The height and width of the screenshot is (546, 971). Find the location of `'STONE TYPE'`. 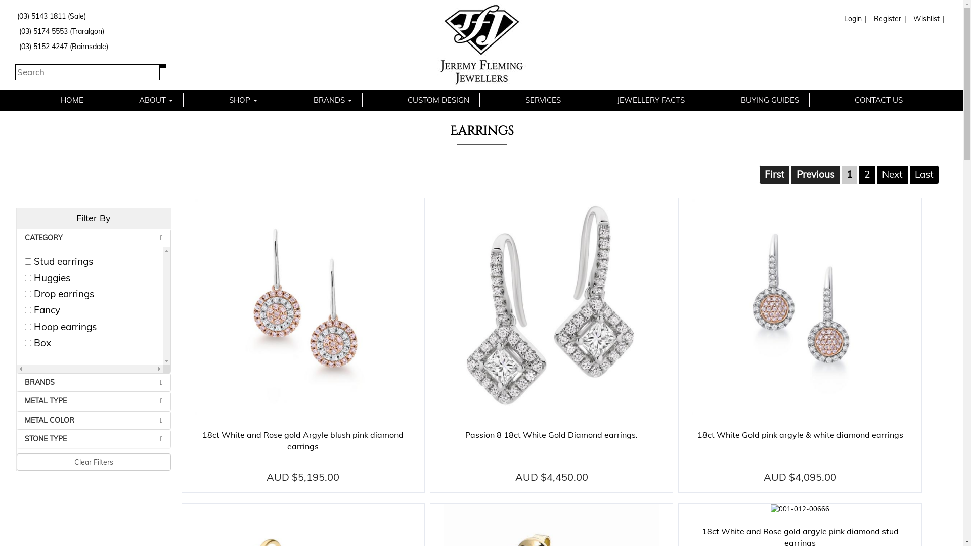

'STONE TYPE' is located at coordinates (94, 438).